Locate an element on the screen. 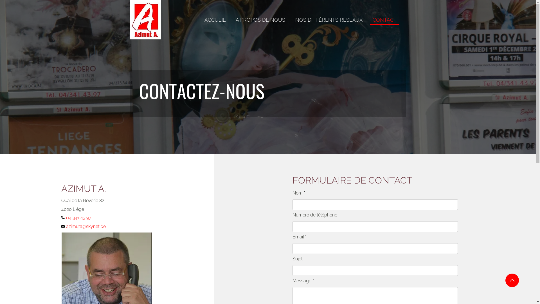 The height and width of the screenshot is (304, 540). 'azimuta@skynet.be' is located at coordinates (89, 226).